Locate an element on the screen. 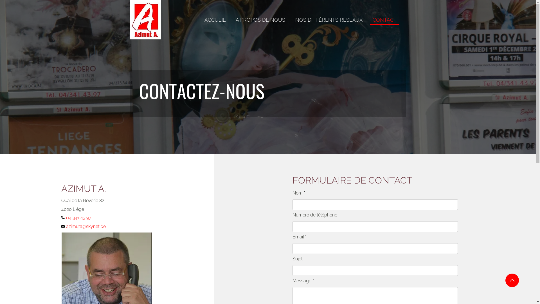 The height and width of the screenshot is (304, 540). 'azimuta@skynet.be' is located at coordinates (89, 226).